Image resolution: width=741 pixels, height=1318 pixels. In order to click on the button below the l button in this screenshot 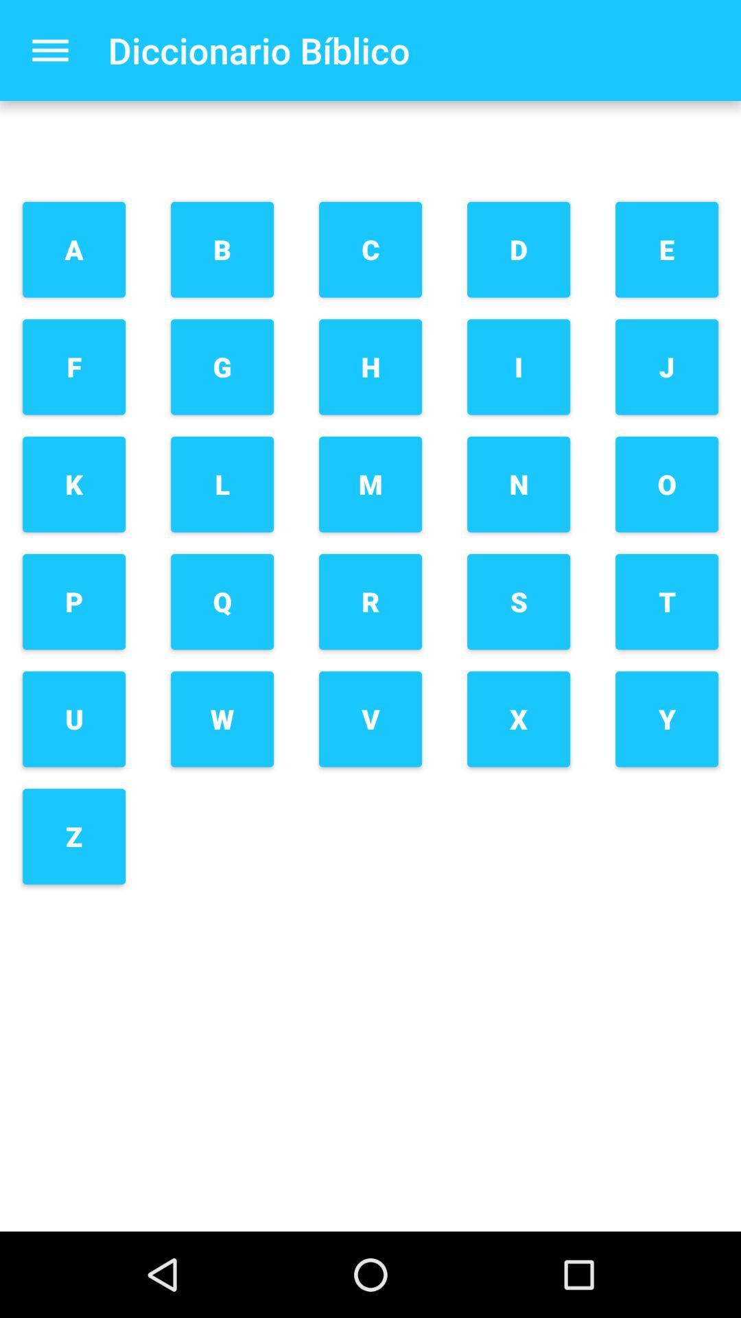, I will do `click(222, 601)`.